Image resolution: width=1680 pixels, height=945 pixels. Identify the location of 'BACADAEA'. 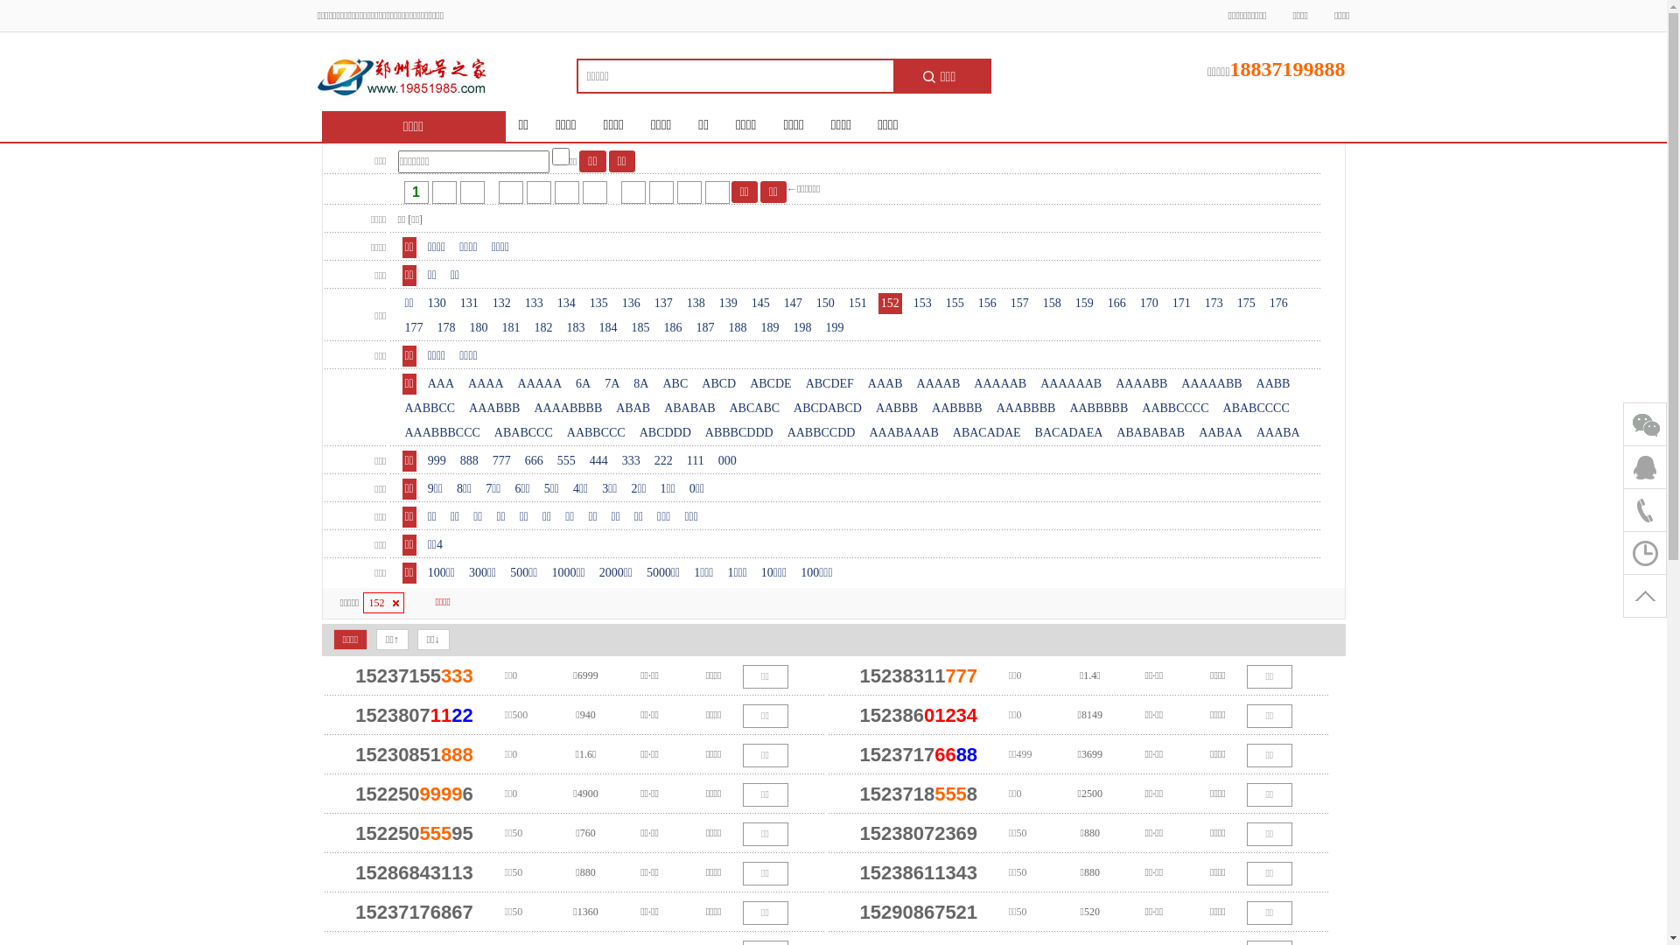
(1068, 432).